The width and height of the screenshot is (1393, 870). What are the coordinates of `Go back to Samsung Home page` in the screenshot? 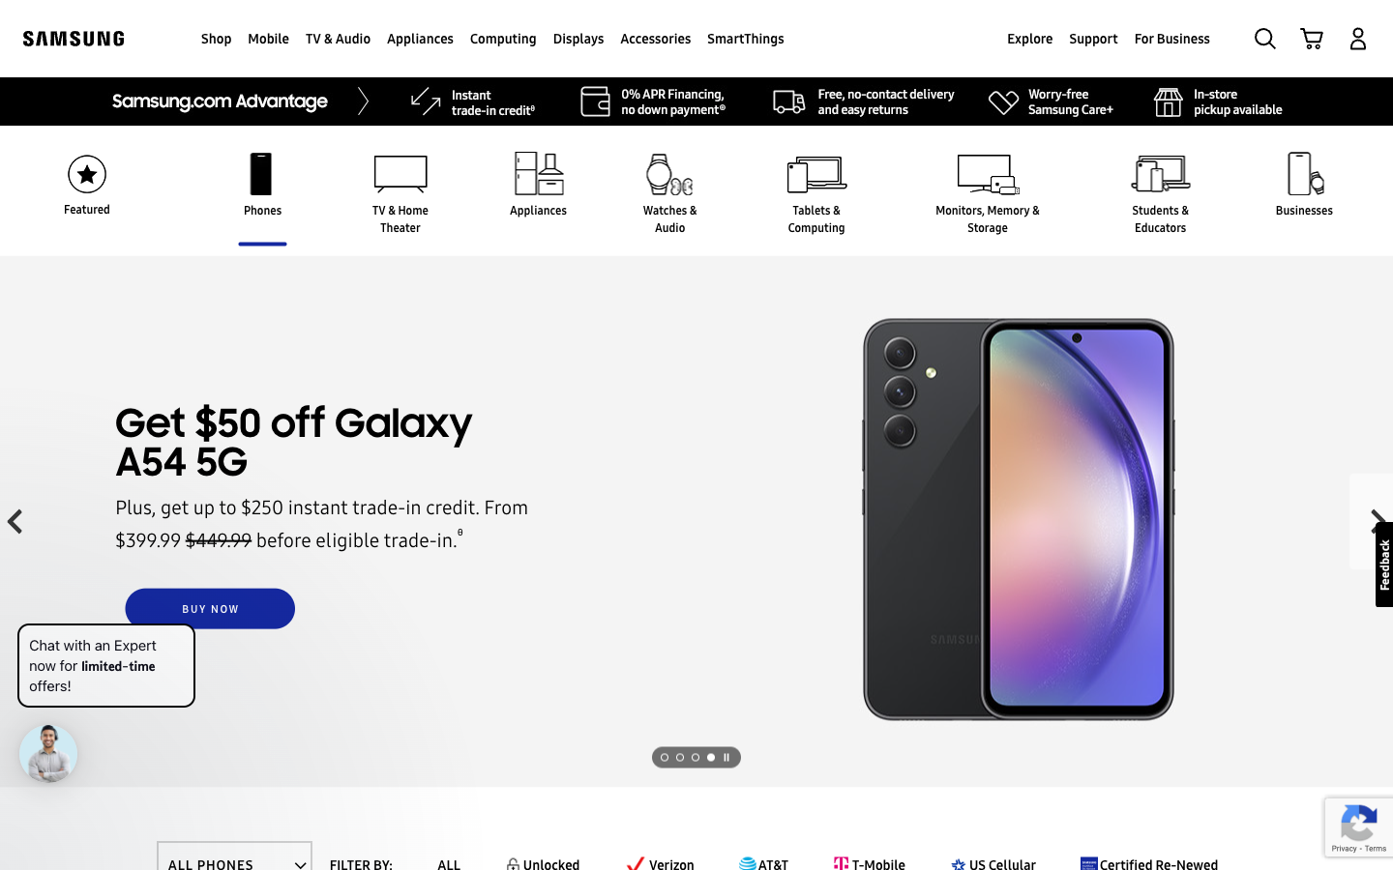 It's located at (74, 37).